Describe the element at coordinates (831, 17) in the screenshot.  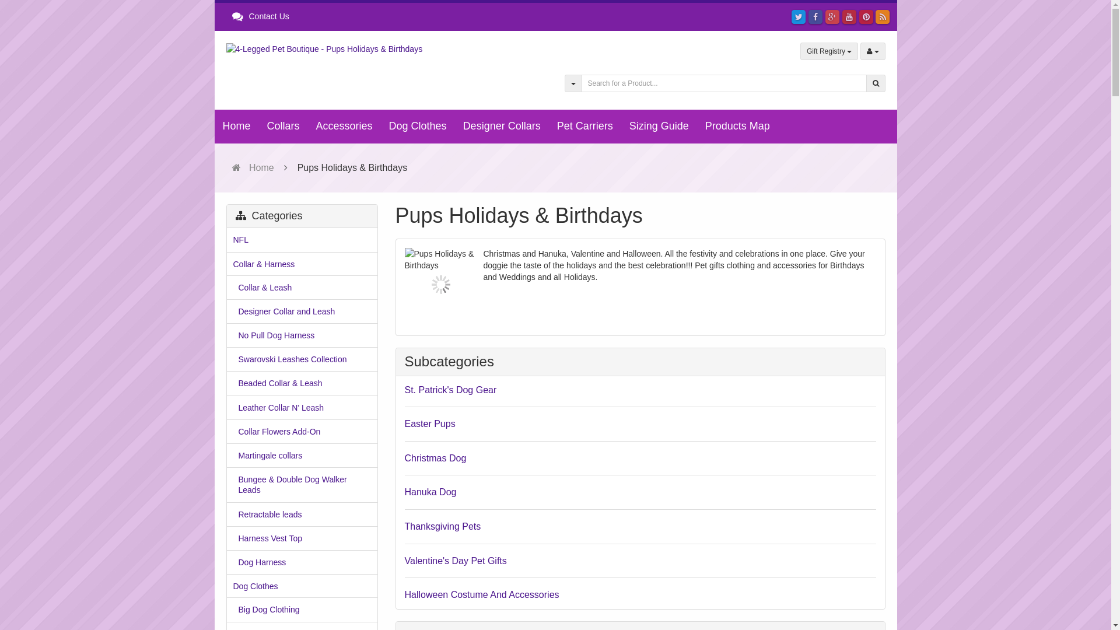
I see `'Google Plus'` at that location.